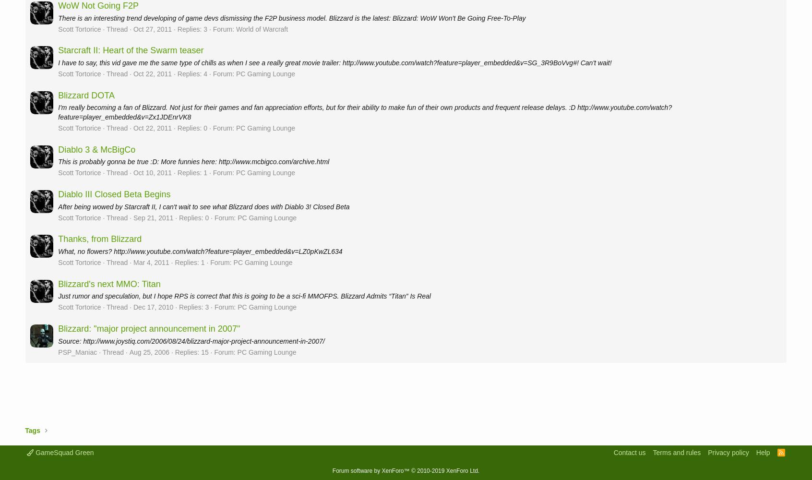 The image size is (812, 480). What do you see at coordinates (728, 452) in the screenshot?
I see `'Privacy policy'` at bounding box center [728, 452].